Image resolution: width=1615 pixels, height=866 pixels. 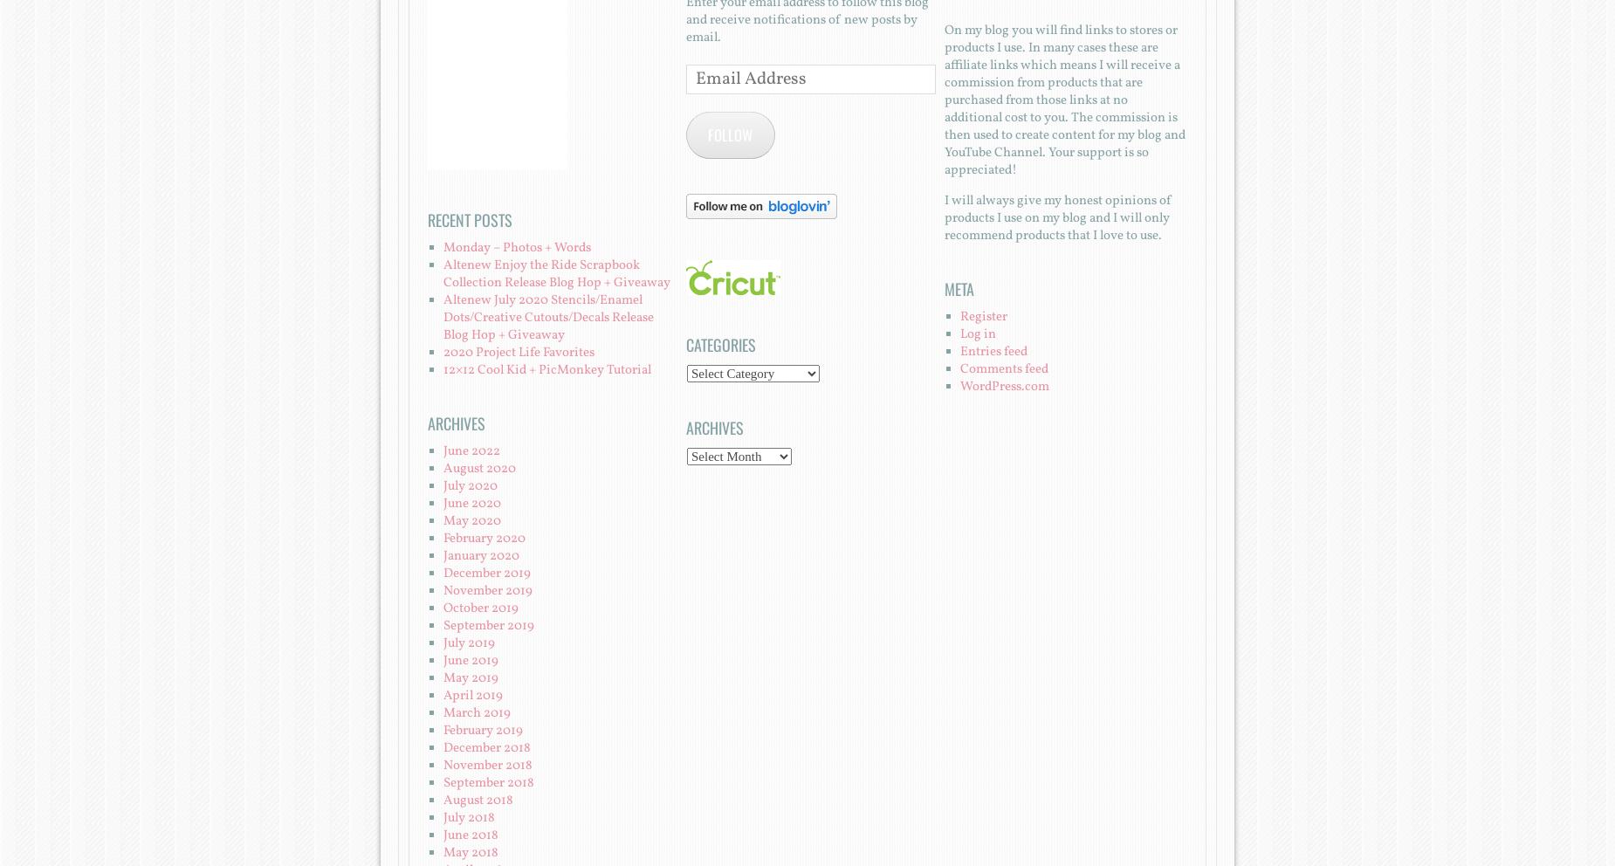 I want to click on 'Comments feed', so click(x=1002, y=368).